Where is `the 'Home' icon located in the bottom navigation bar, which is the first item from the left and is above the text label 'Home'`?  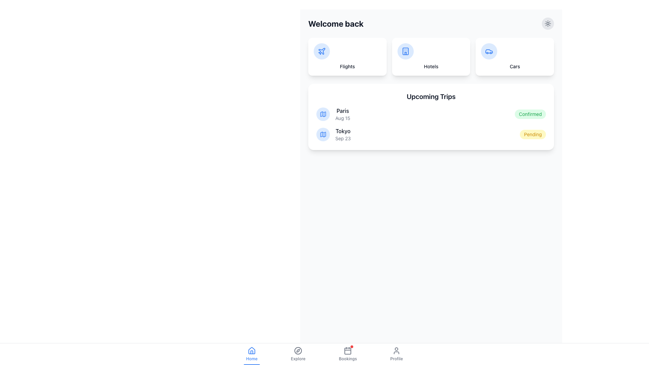 the 'Home' icon located in the bottom navigation bar, which is the first item from the left and is above the text label 'Home' is located at coordinates (251, 350).